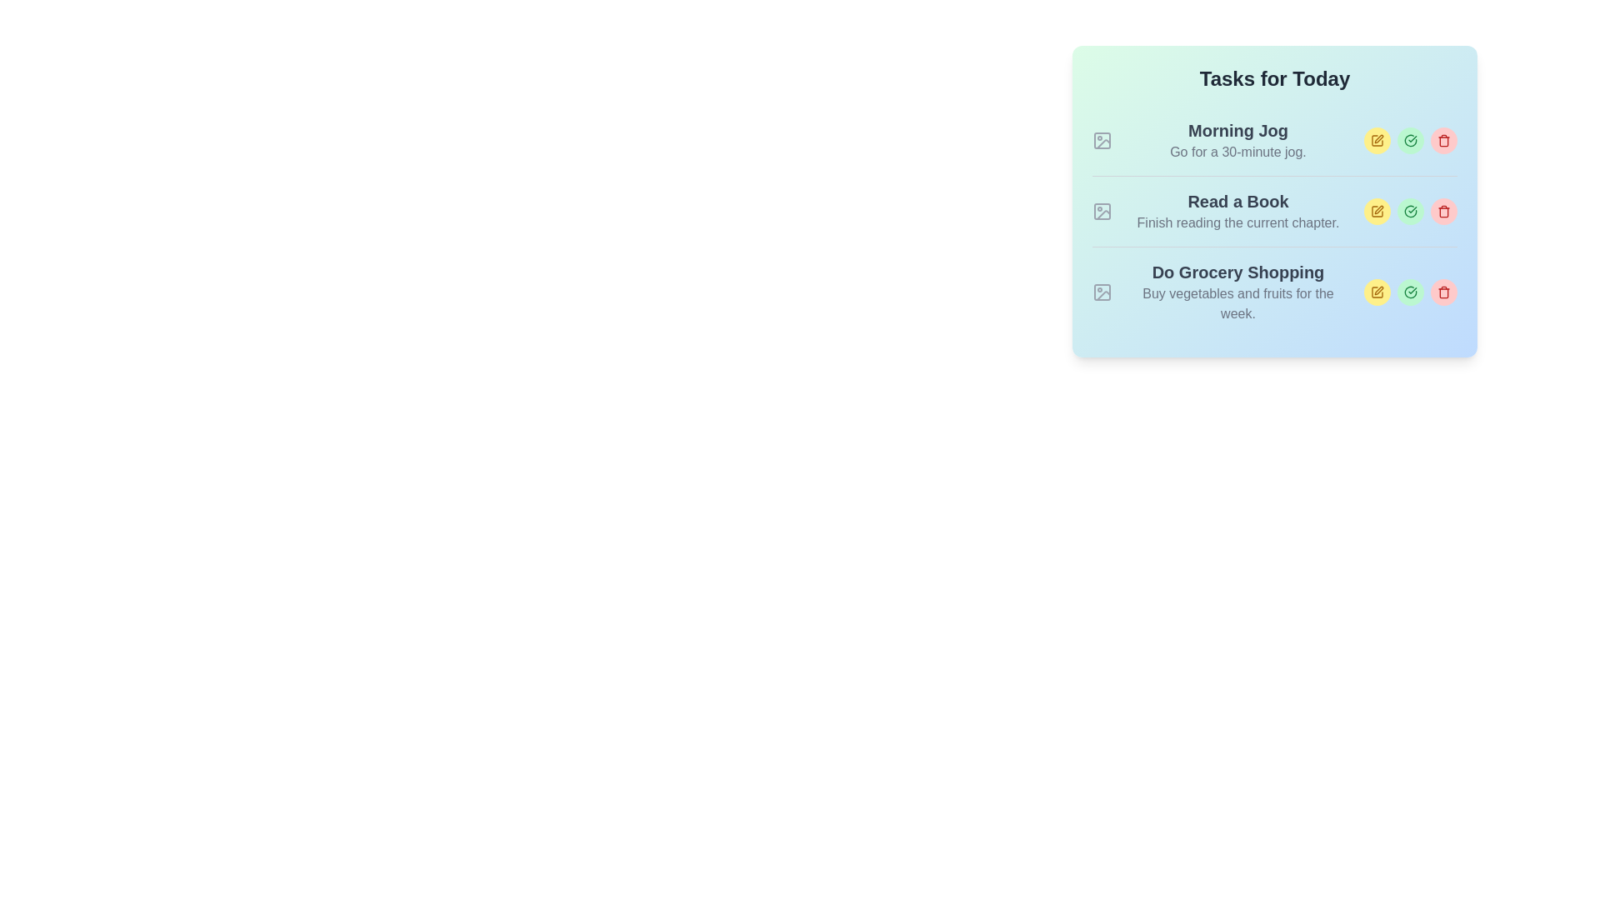 The height and width of the screenshot is (900, 1600). What do you see at coordinates (1238, 201) in the screenshot?
I see `the static text element that serves as the title for the second task in the task list, located in the task card titled 'Read a Book'` at bounding box center [1238, 201].